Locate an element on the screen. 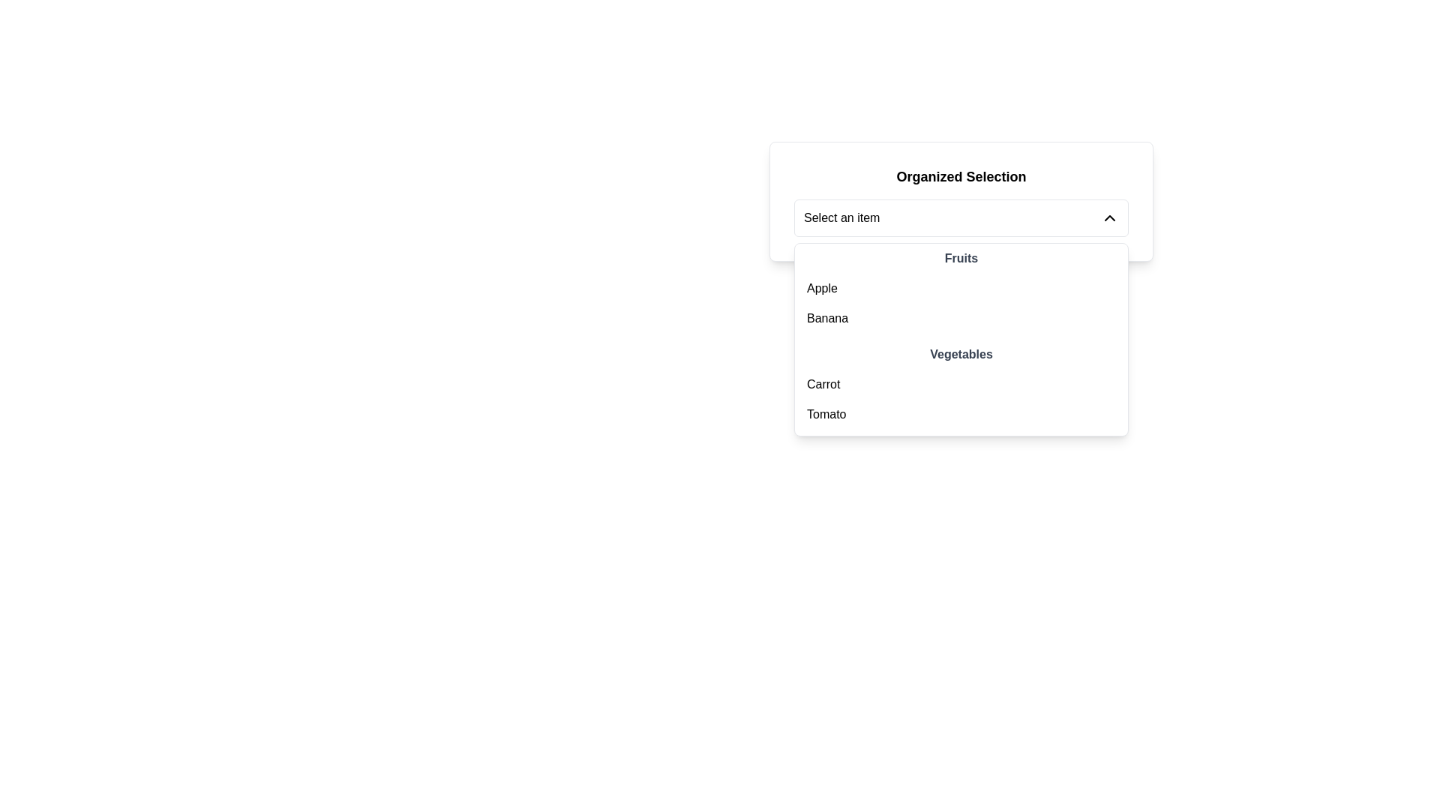  the 'Carrot' text label within the dropdown menu under the 'Vegetables' category is located at coordinates (823, 384).